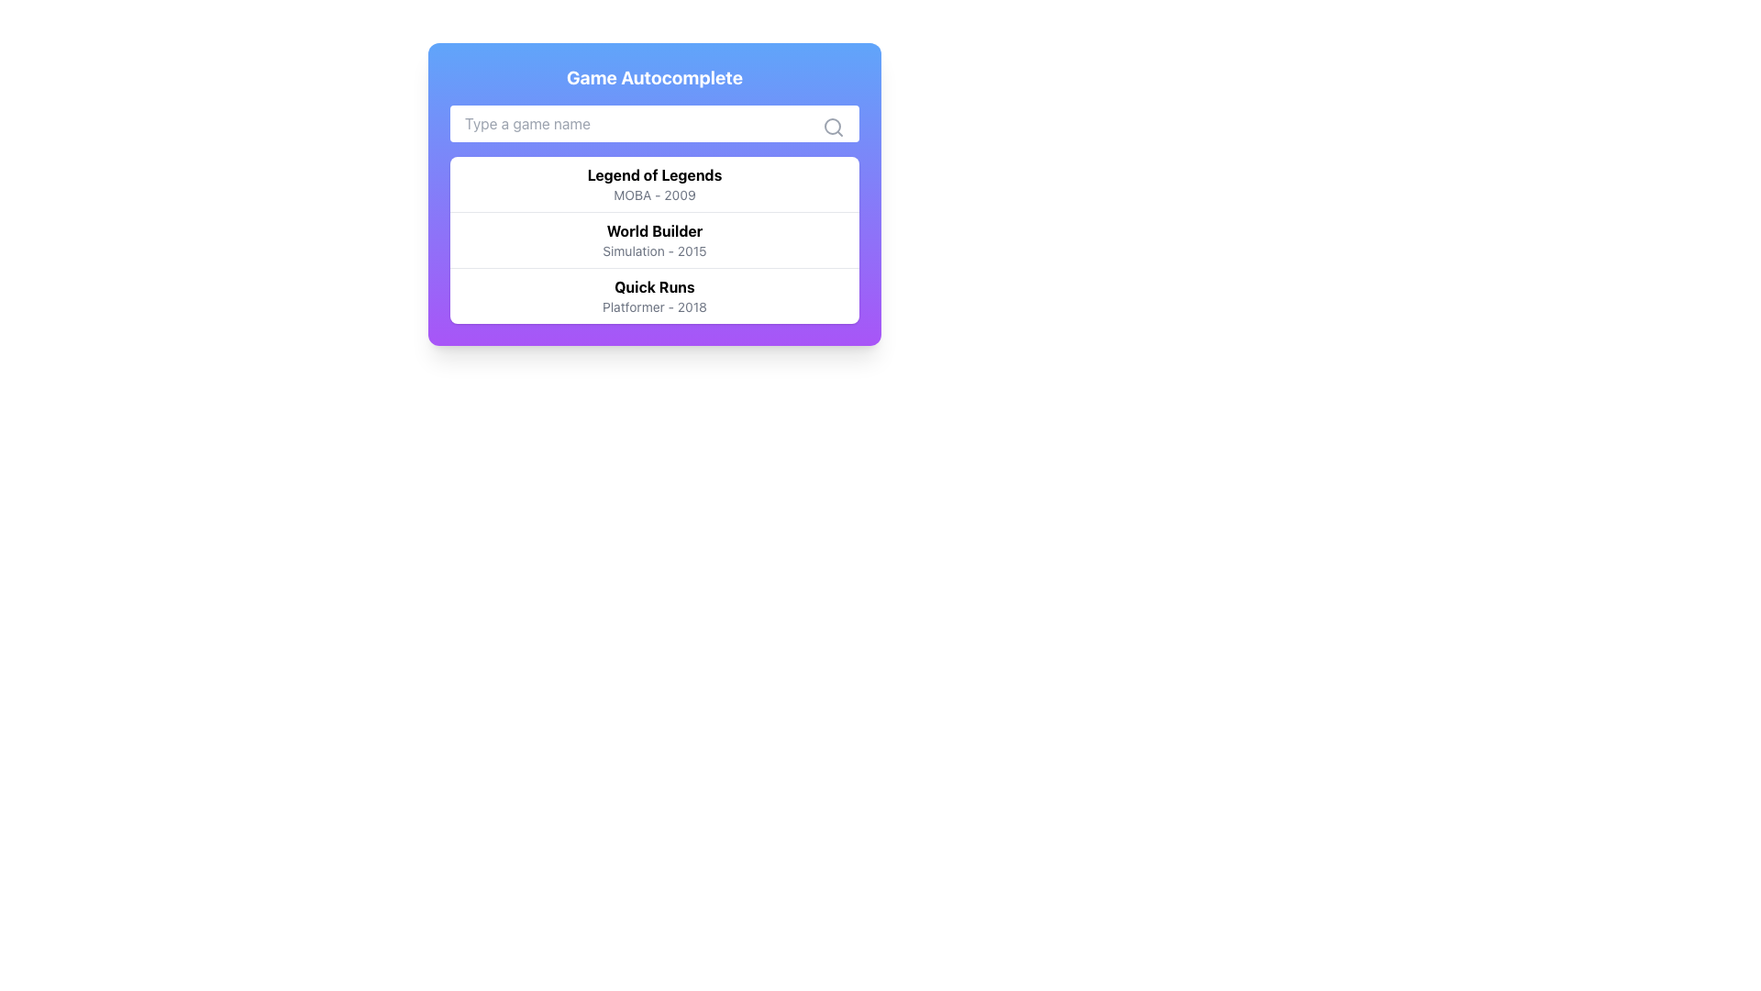 The height and width of the screenshot is (991, 1761). I want to click on the first entry in the game title list, so click(655, 184).